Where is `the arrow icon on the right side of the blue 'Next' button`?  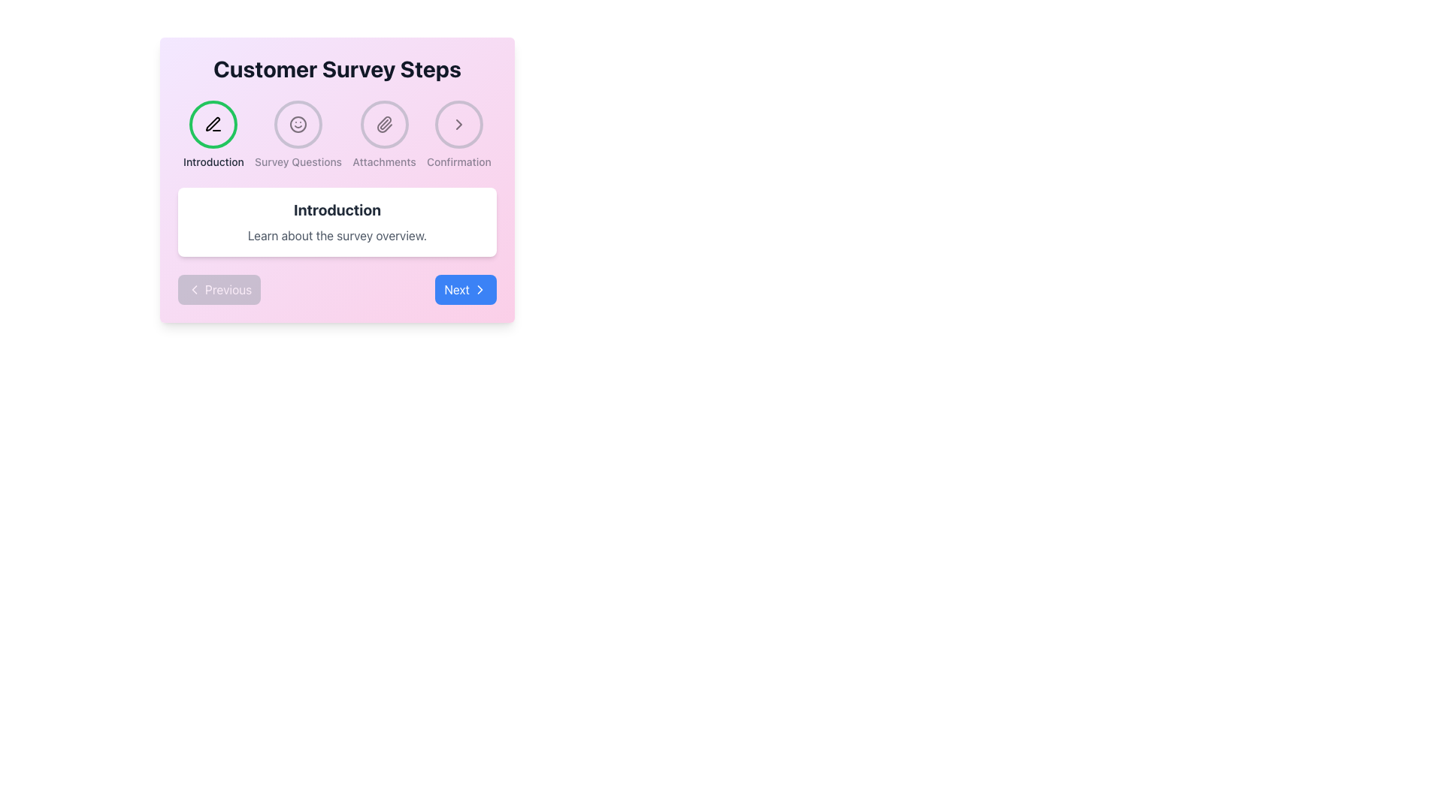
the arrow icon on the right side of the blue 'Next' button is located at coordinates (479, 289).